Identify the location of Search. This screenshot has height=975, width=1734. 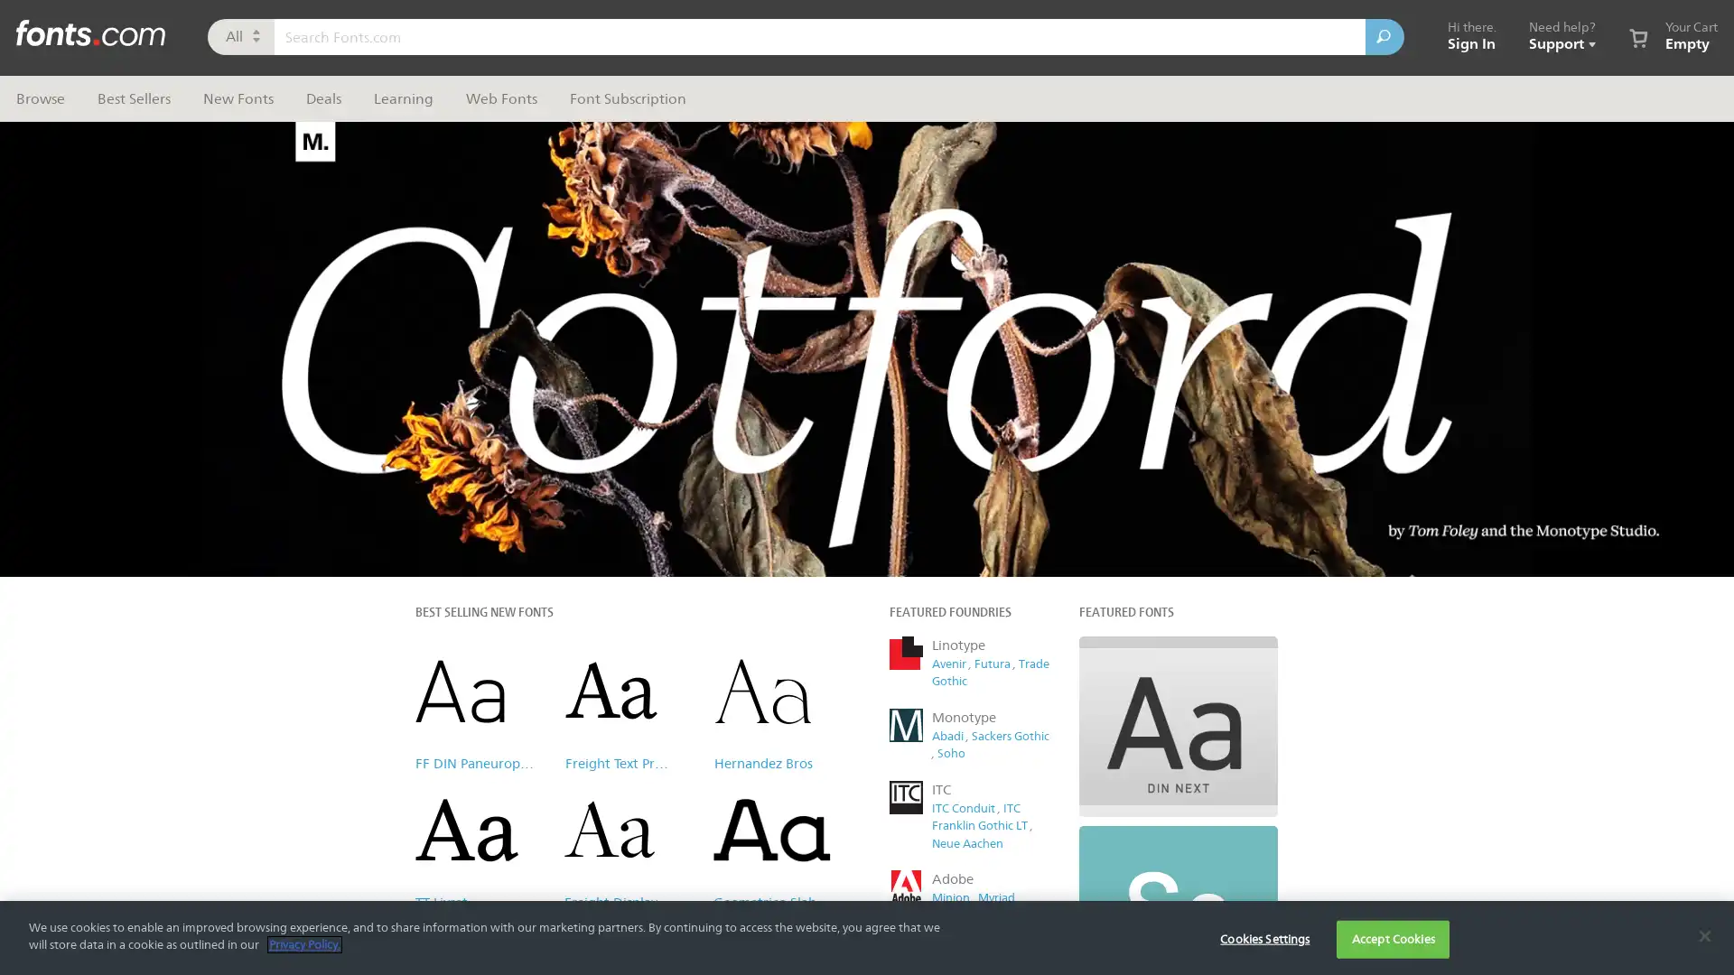
(1384, 37).